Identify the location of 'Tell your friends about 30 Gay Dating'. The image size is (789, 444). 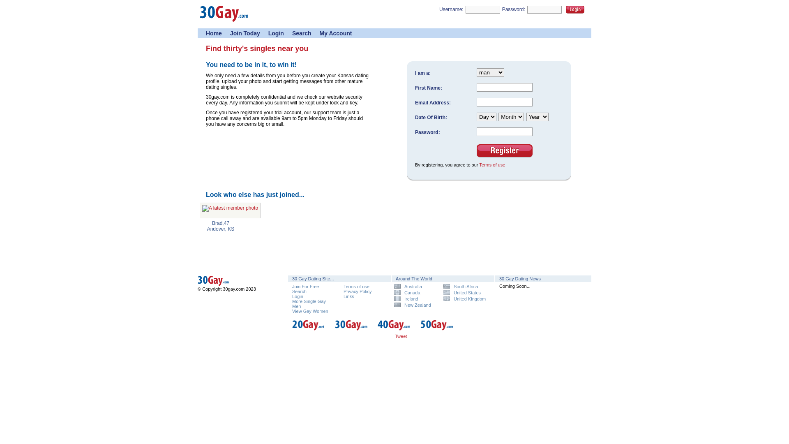
(411, 338).